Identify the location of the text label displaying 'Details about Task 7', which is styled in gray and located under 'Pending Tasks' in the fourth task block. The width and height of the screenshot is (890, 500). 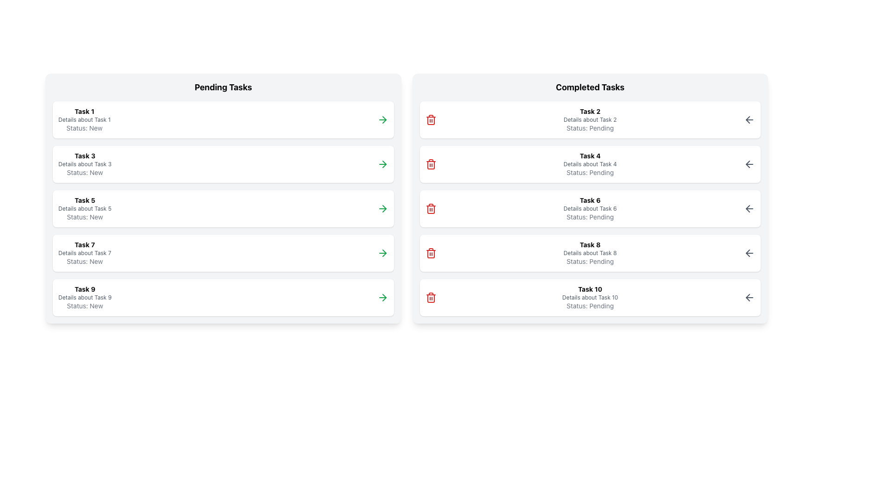
(84, 253).